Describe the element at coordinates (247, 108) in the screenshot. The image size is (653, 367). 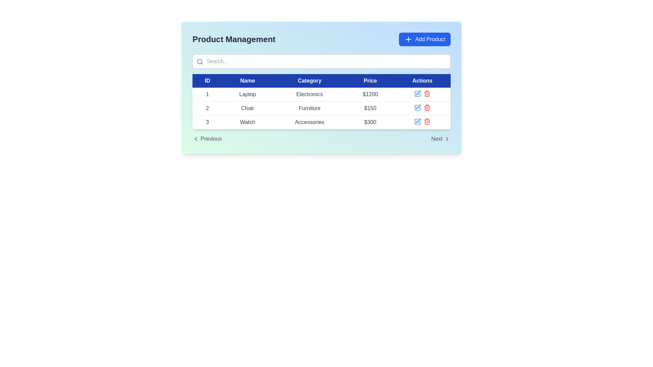
I see `the text label displaying 'Chair' in the second row of the table under the 'Name' column` at that location.